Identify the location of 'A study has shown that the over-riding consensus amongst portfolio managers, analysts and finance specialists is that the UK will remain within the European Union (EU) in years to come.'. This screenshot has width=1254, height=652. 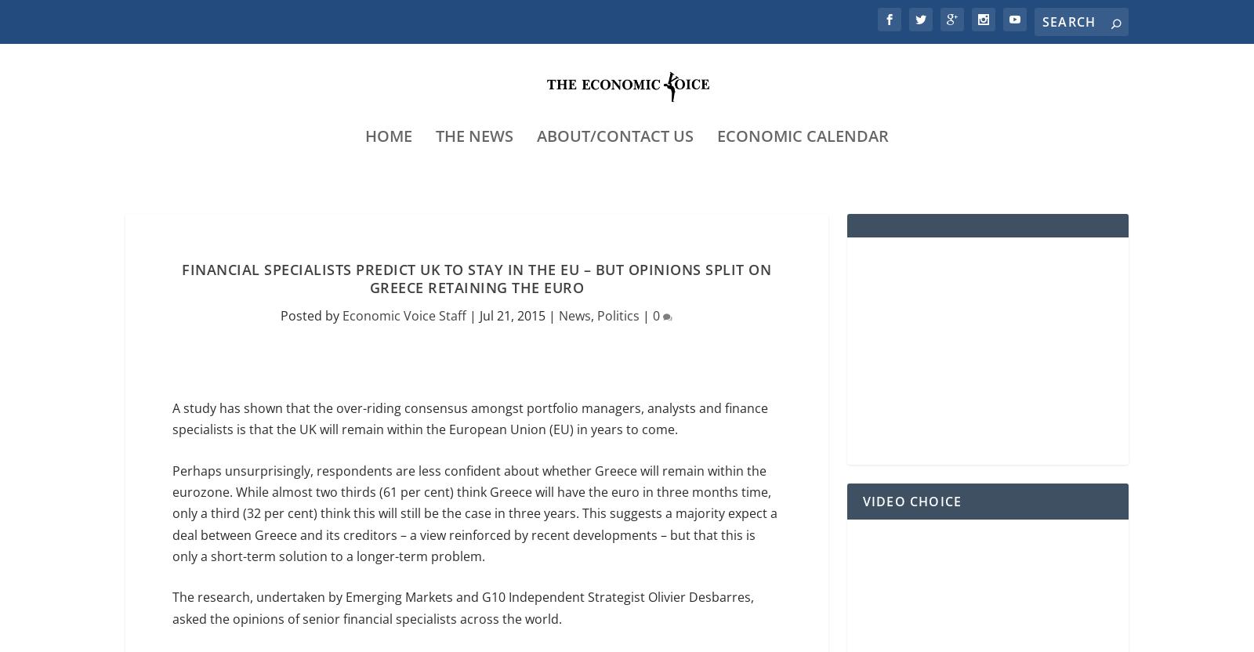
(172, 420).